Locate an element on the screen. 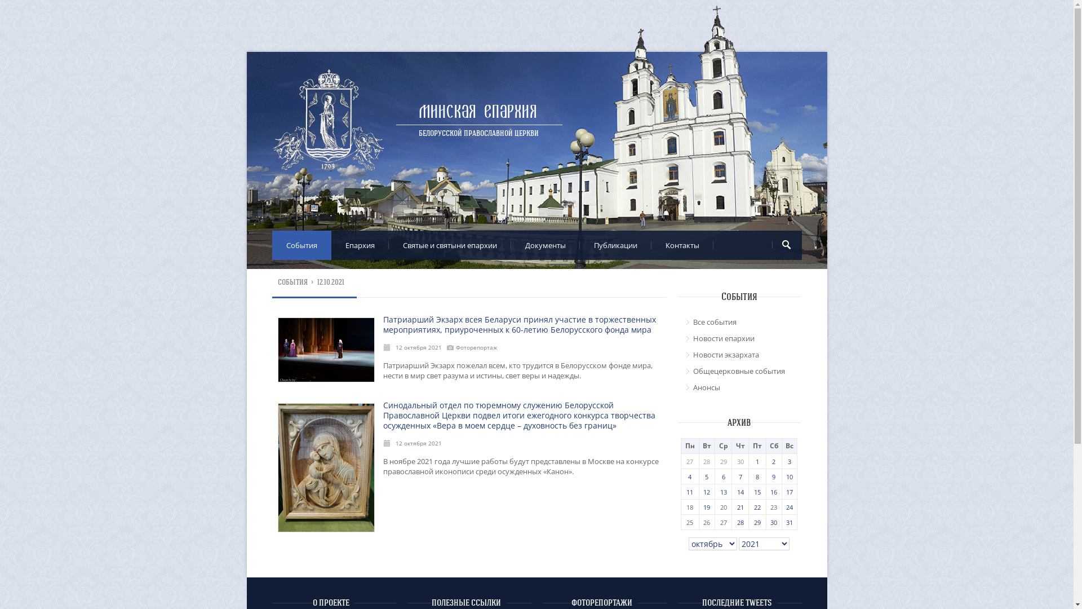 Image resolution: width=1082 pixels, height=609 pixels. '1' is located at coordinates (757, 461).